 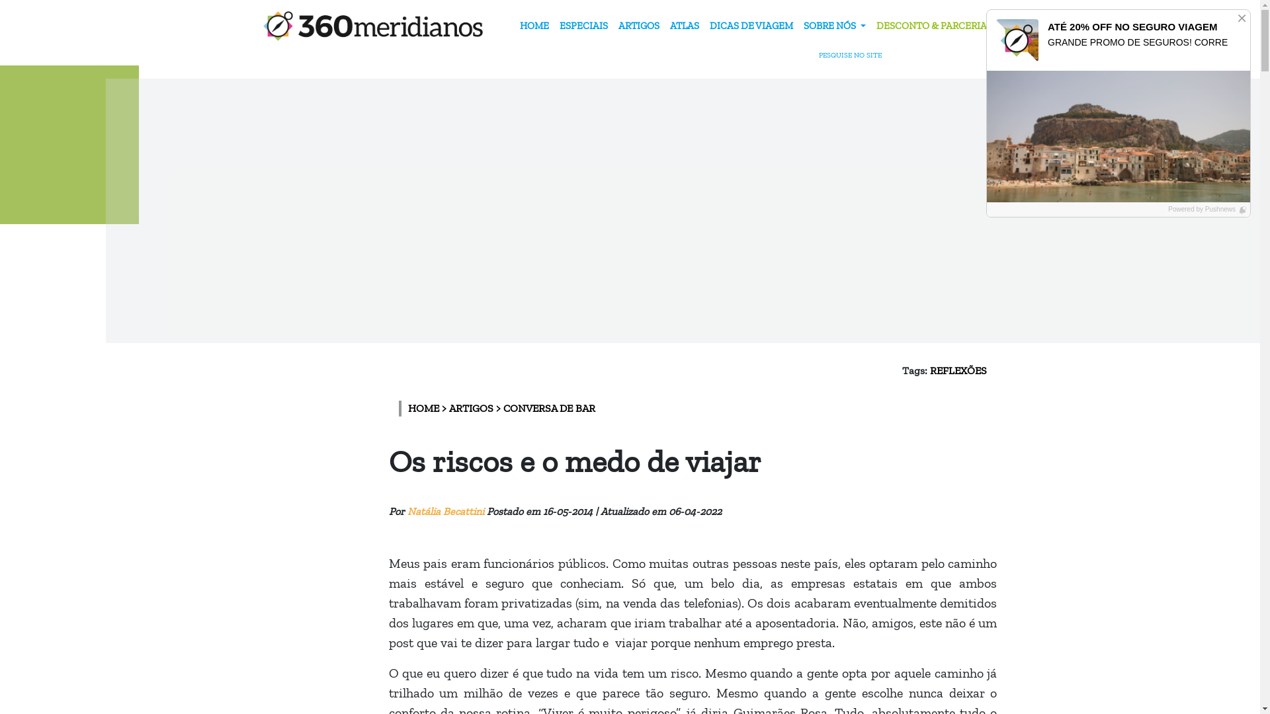 I want to click on 'ATLAS', so click(x=685, y=26).